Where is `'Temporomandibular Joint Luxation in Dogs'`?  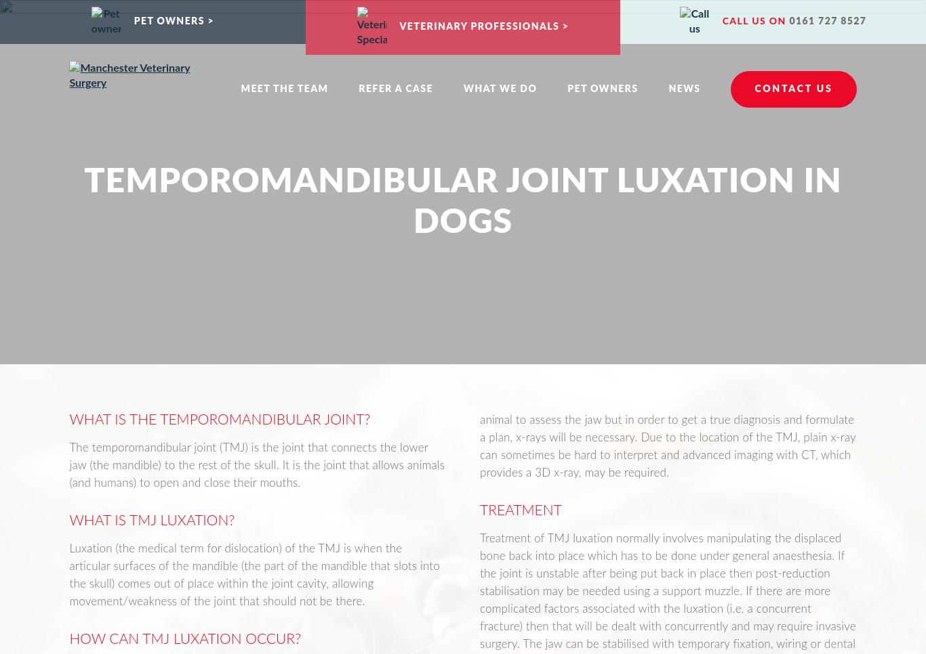 'Temporomandibular Joint Luxation in Dogs' is located at coordinates (462, 201).